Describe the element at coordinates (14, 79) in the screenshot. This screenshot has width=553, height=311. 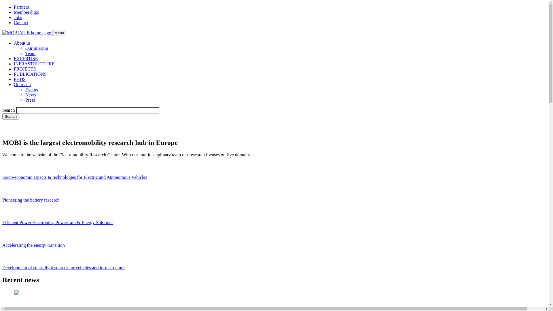
I see `'PHDS'` at that location.